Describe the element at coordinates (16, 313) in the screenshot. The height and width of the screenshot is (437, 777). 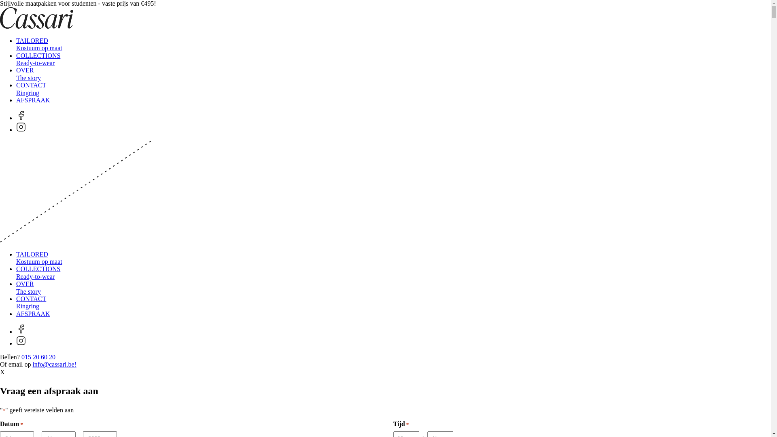
I see `'AFSPRAAK'` at that location.